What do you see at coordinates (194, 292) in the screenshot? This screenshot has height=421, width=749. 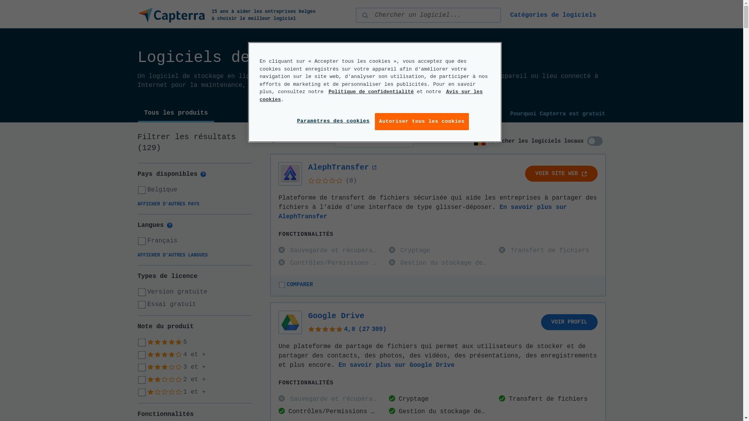 I see `'Version gratuite'` at bounding box center [194, 292].